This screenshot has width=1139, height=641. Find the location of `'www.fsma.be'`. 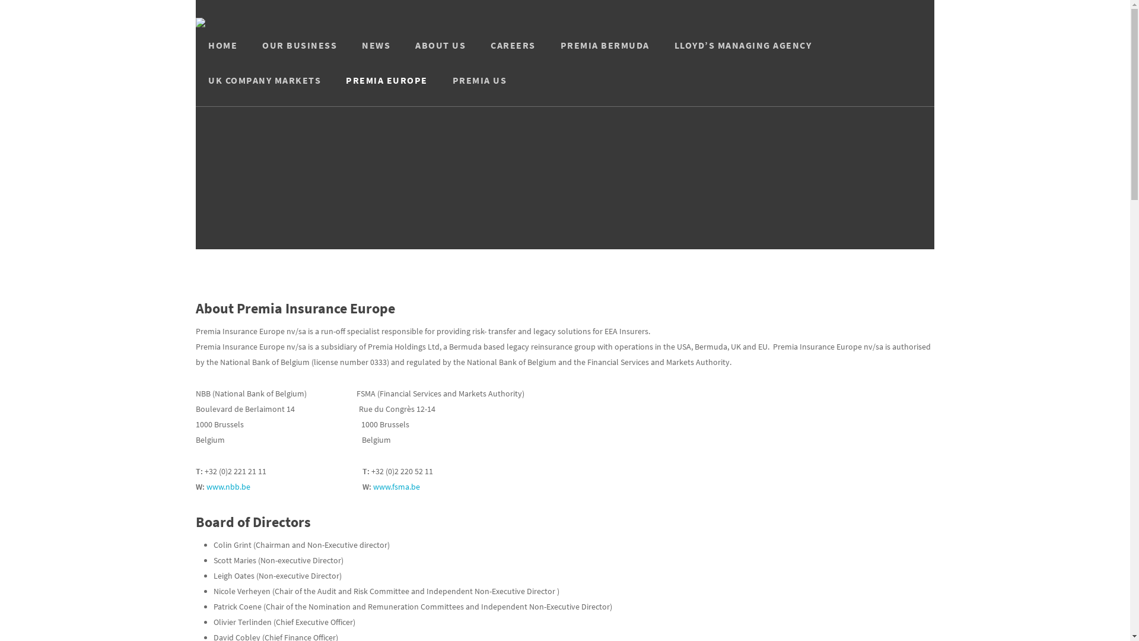

'www.fsma.be' is located at coordinates (396, 487).